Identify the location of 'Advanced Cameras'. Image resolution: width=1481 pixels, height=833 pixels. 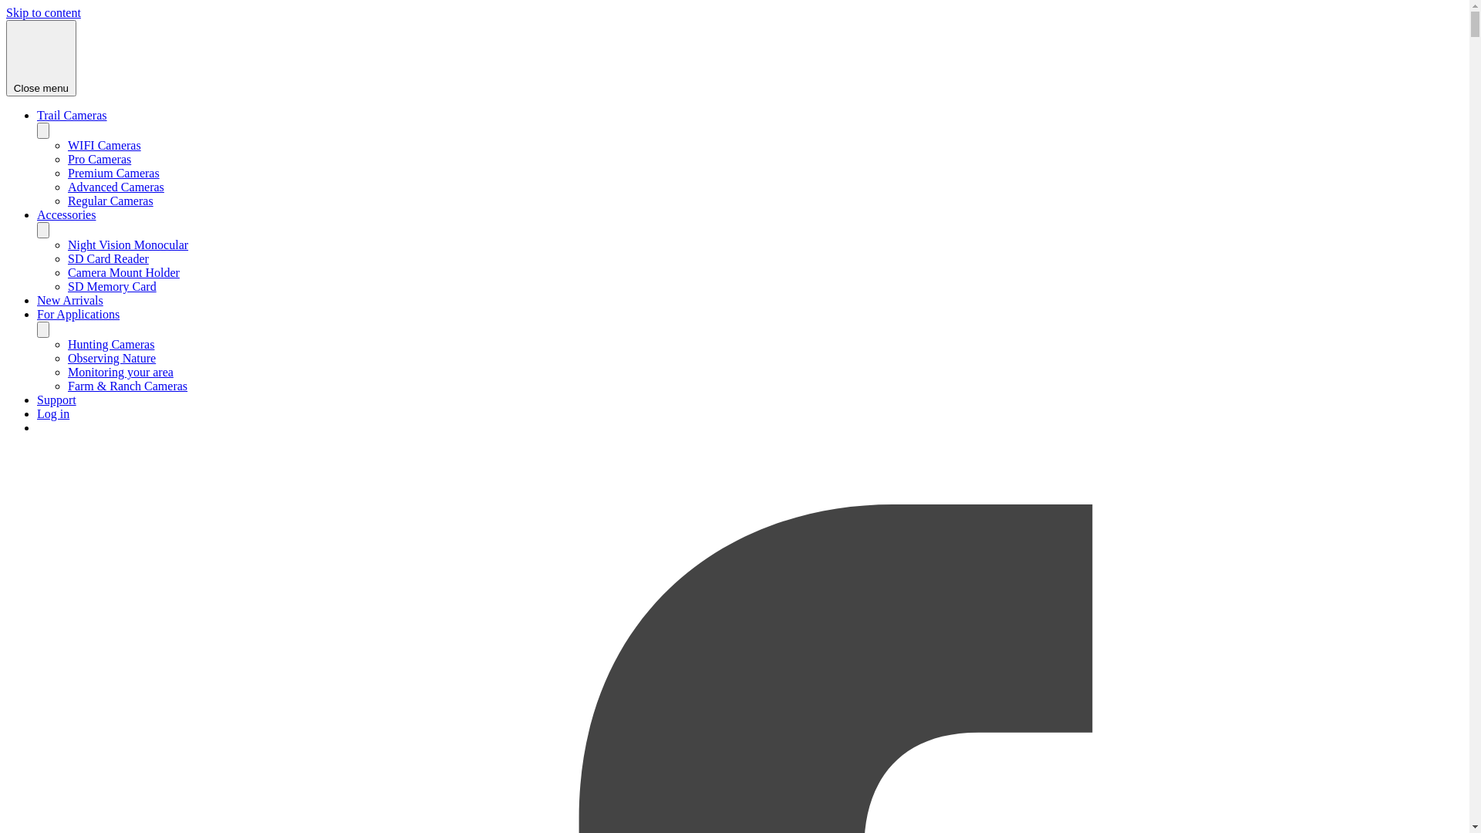
(115, 186).